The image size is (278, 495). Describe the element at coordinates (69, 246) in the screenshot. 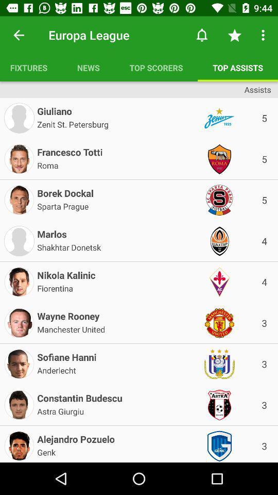

I see `item above the nikola kalinic icon` at that location.